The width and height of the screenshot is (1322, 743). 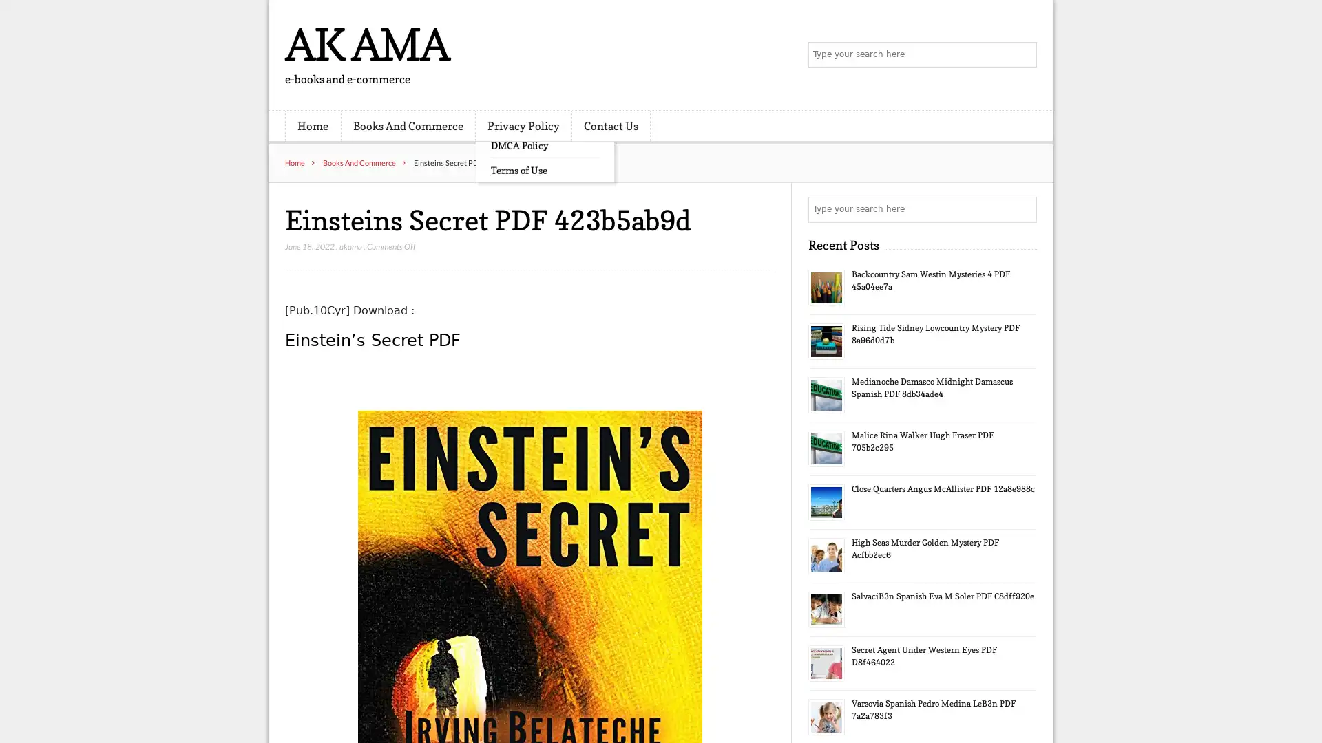 What do you see at coordinates (1022, 209) in the screenshot?
I see `Search` at bounding box center [1022, 209].